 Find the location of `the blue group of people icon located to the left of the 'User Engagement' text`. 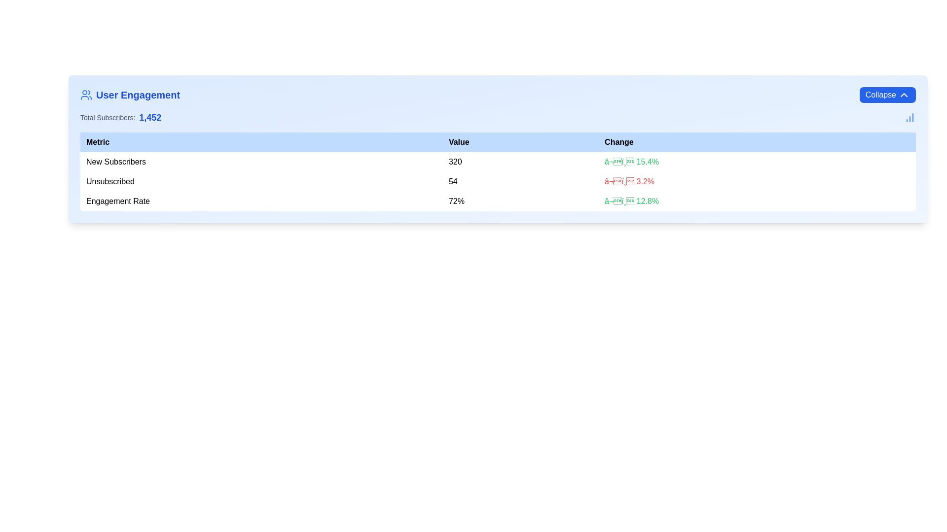

the blue group of people icon located to the left of the 'User Engagement' text is located at coordinates (86, 95).